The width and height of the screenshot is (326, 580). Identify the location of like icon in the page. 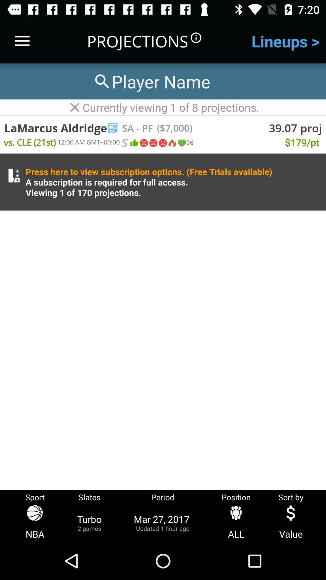
(133, 143).